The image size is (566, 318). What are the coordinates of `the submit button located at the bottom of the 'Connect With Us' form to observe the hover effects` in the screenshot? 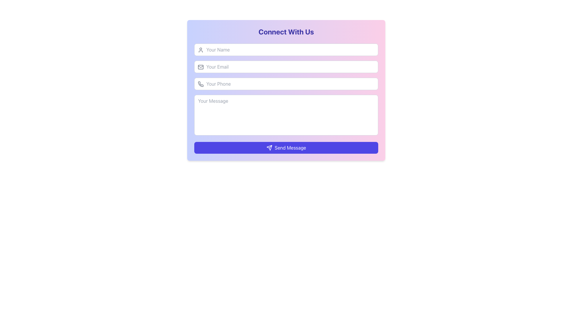 It's located at (286, 147).